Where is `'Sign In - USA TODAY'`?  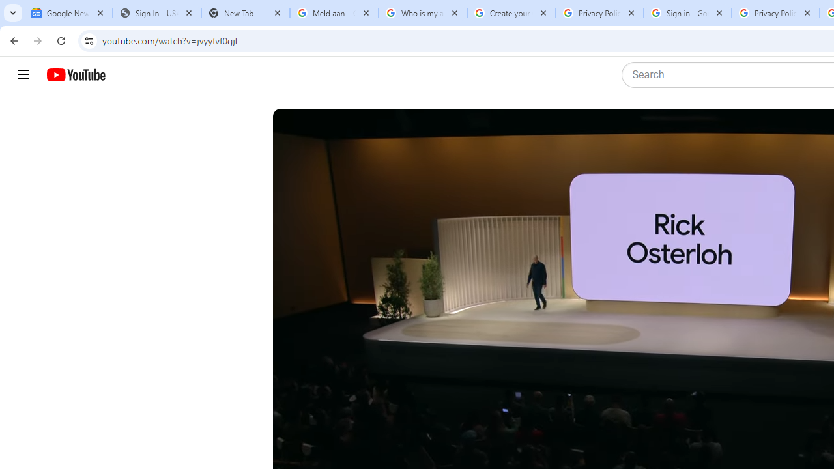
'Sign In - USA TODAY' is located at coordinates (156, 13).